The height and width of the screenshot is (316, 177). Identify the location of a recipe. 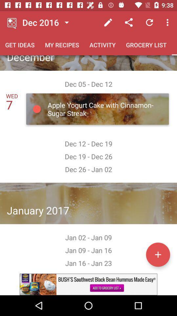
(158, 254).